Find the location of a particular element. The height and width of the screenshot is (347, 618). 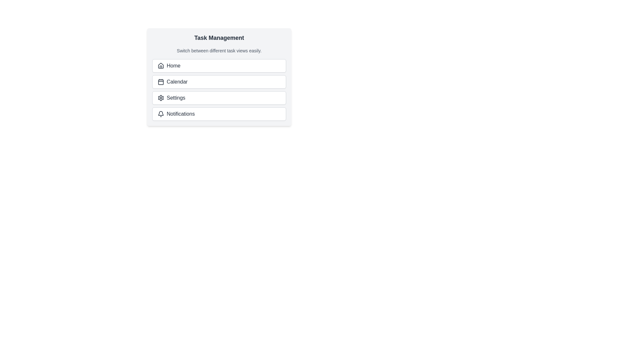

the 'Calendar' menu option button located in the 'Task Management' section, which is the second item in the vertical menu stacked between the 'Home' and 'Settings' buttons is located at coordinates (219, 76).